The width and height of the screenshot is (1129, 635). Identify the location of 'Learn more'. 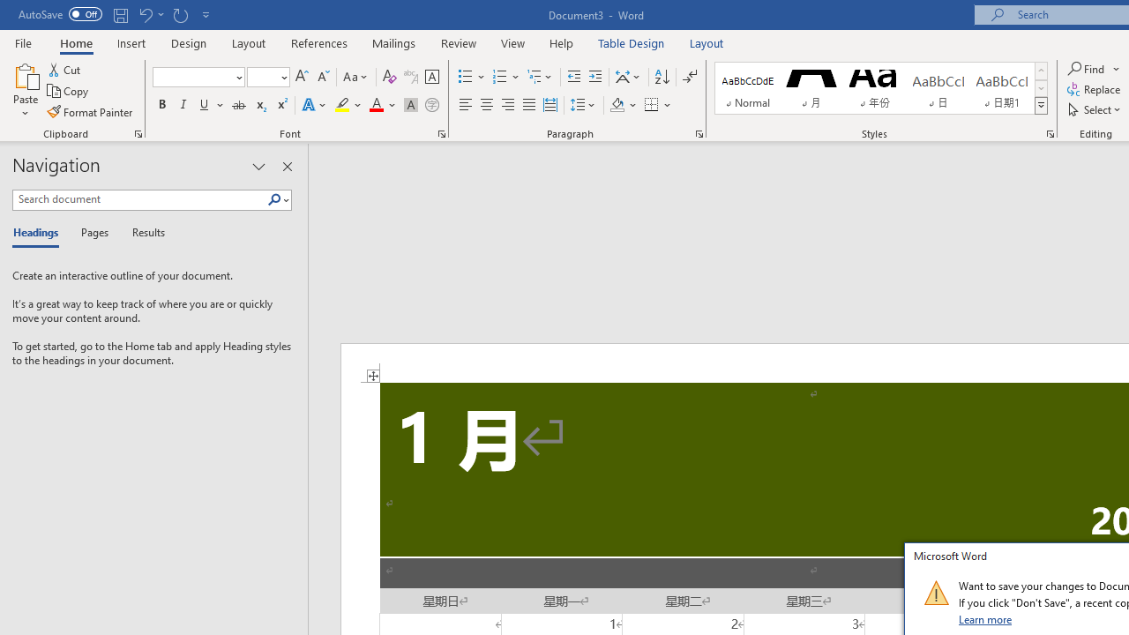
(985, 618).